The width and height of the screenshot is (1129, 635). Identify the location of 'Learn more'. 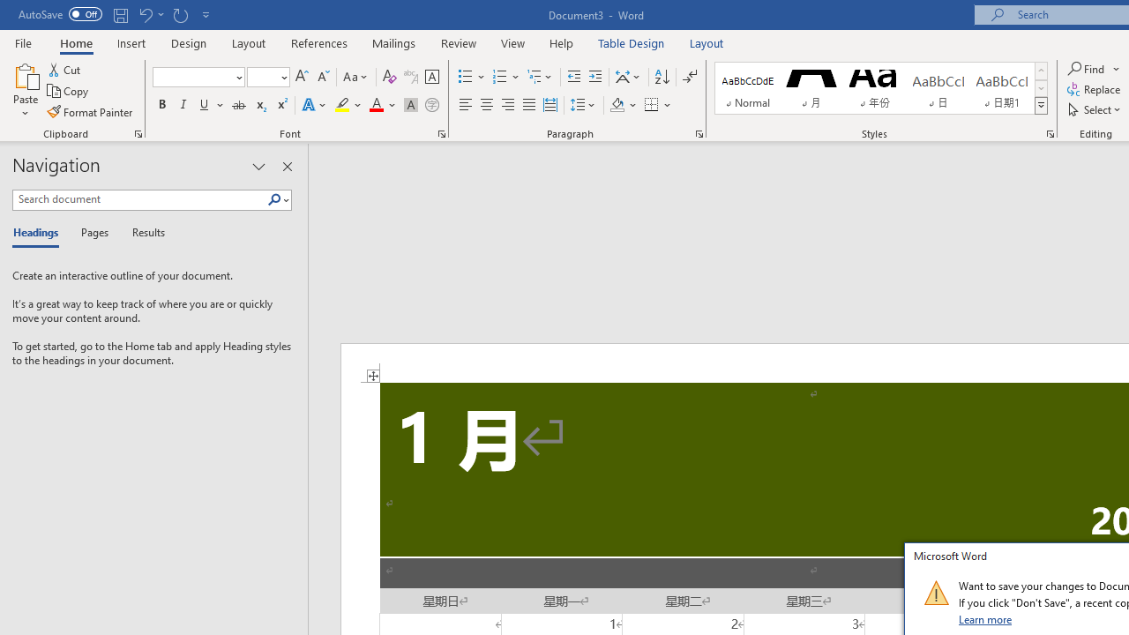
(985, 618).